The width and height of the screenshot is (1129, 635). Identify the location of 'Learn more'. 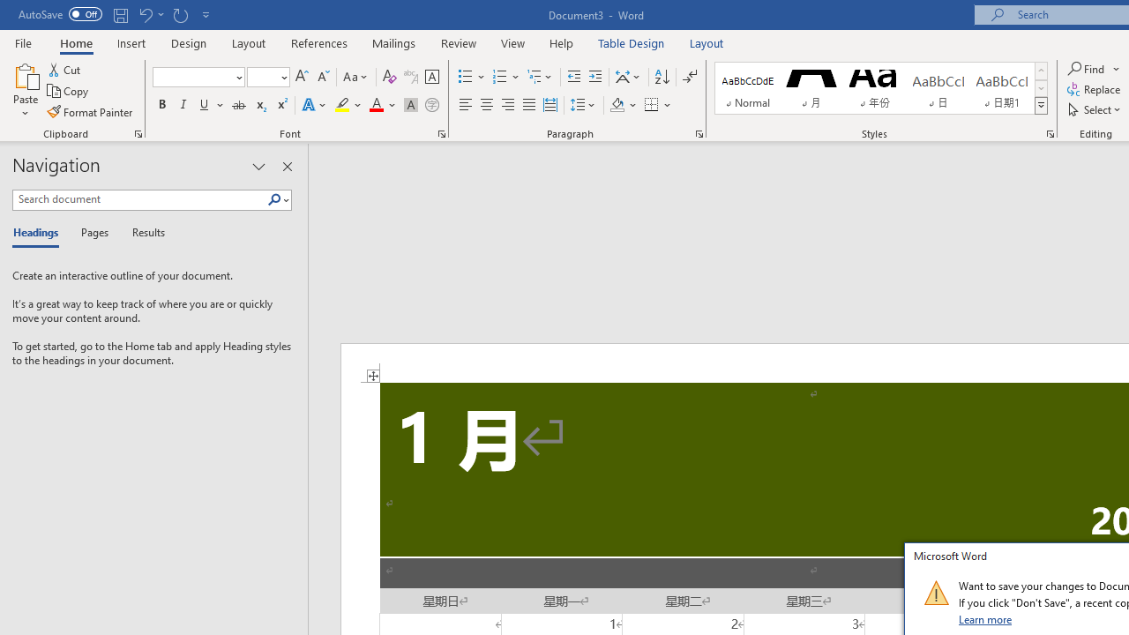
(985, 618).